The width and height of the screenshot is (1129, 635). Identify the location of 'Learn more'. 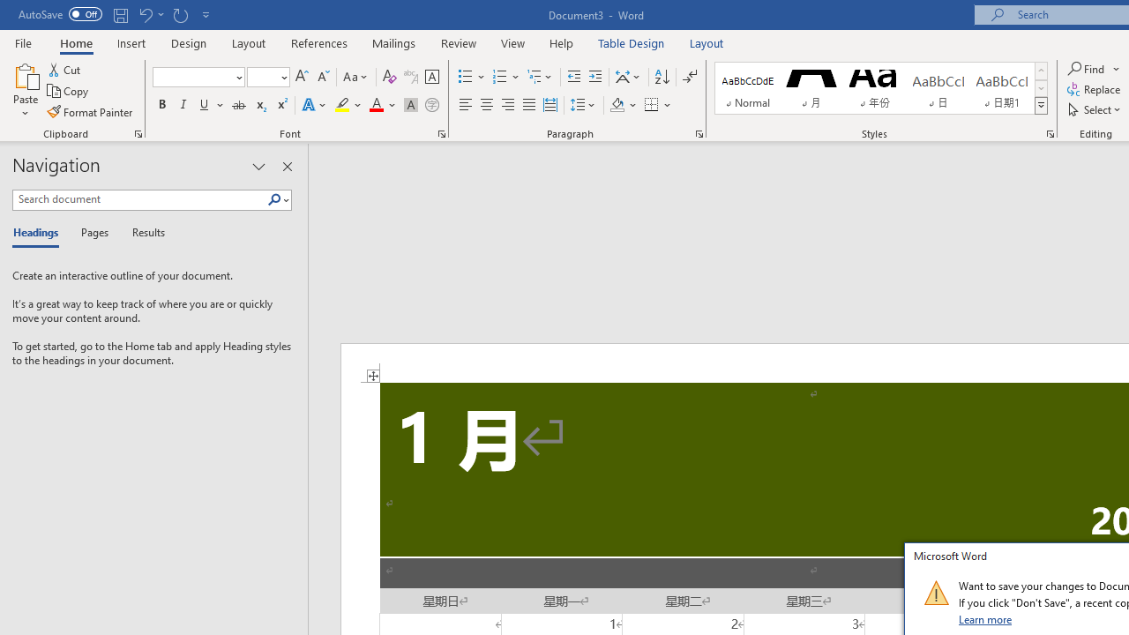
(985, 618).